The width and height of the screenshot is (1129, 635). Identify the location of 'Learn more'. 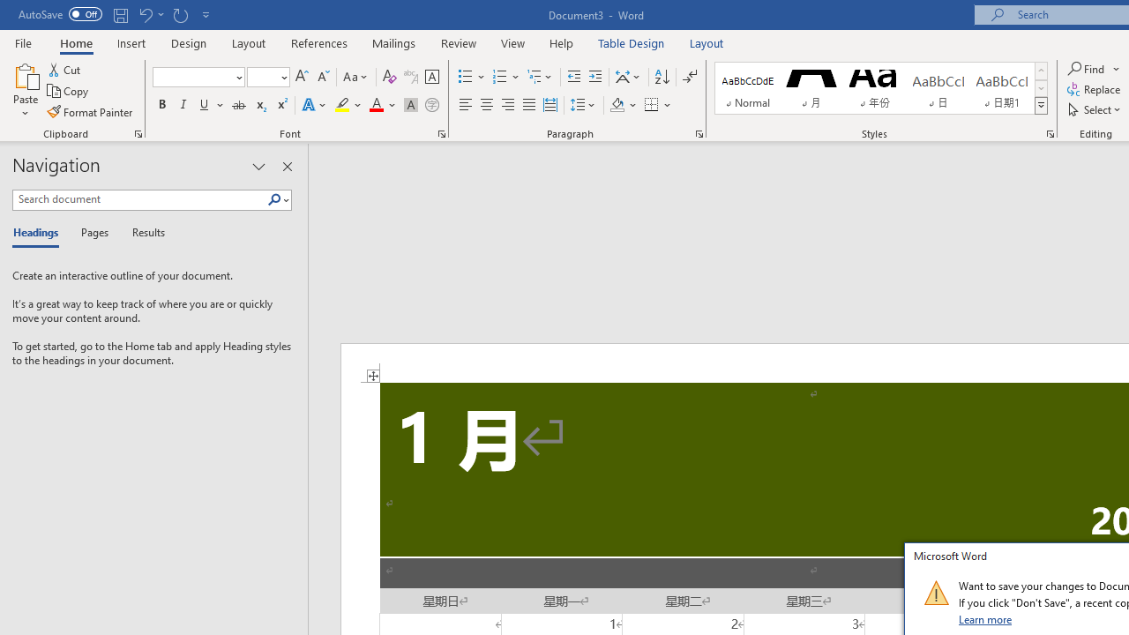
(985, 618).